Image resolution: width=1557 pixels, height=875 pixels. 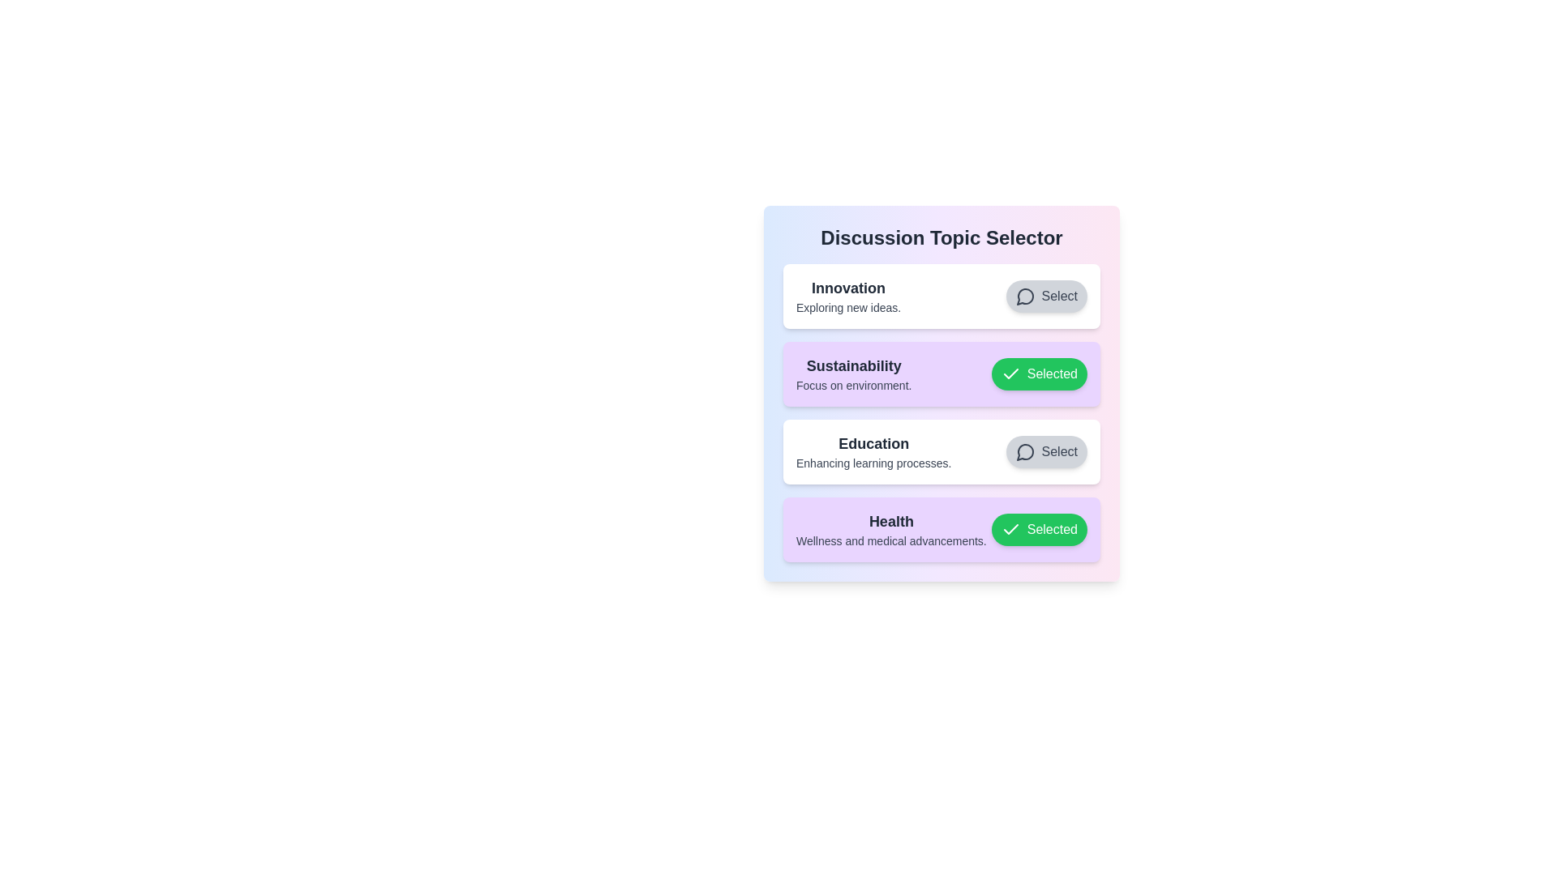 What do you see at coordinates (1046, 452) in the screenshot?
I see `the topic Education` at bounding box center [1046, 452].